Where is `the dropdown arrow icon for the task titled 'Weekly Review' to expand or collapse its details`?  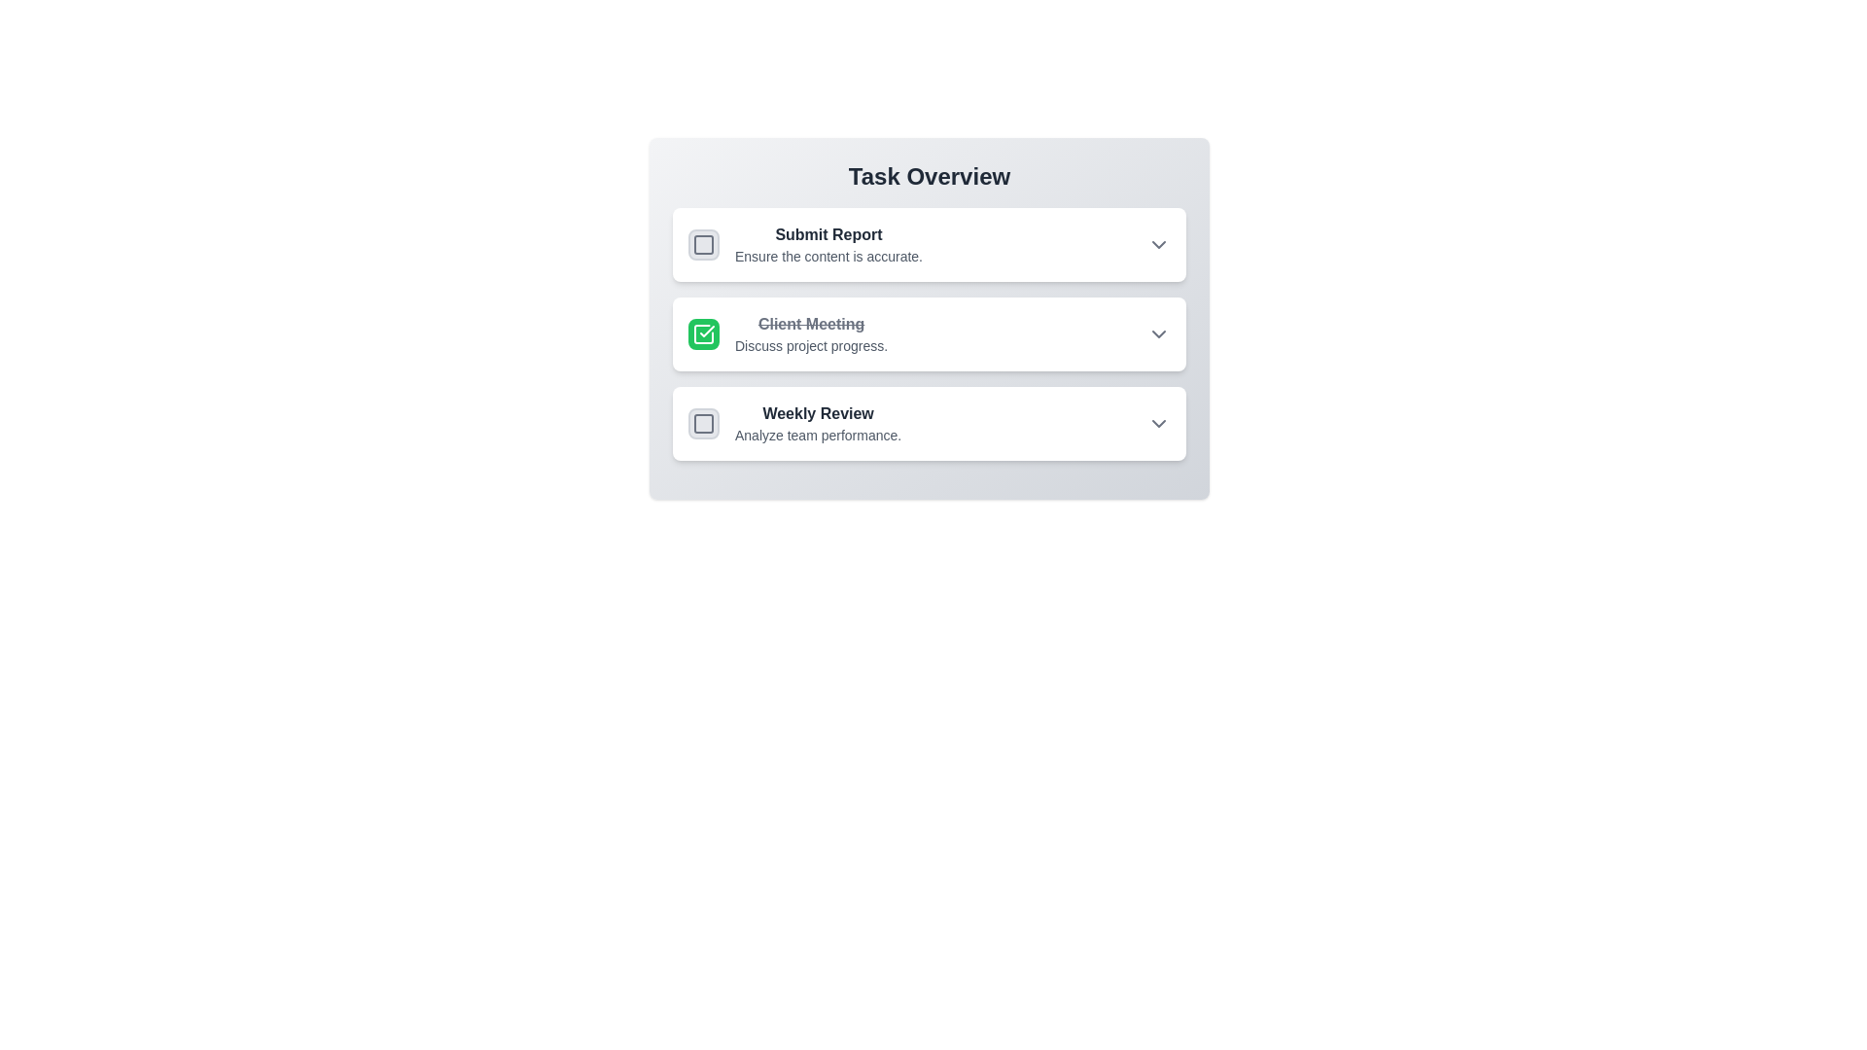 the dropdown arrow icon for the task titled 'Weekly Review' to expand or collapse its details is located at coordinates (1158, 422).